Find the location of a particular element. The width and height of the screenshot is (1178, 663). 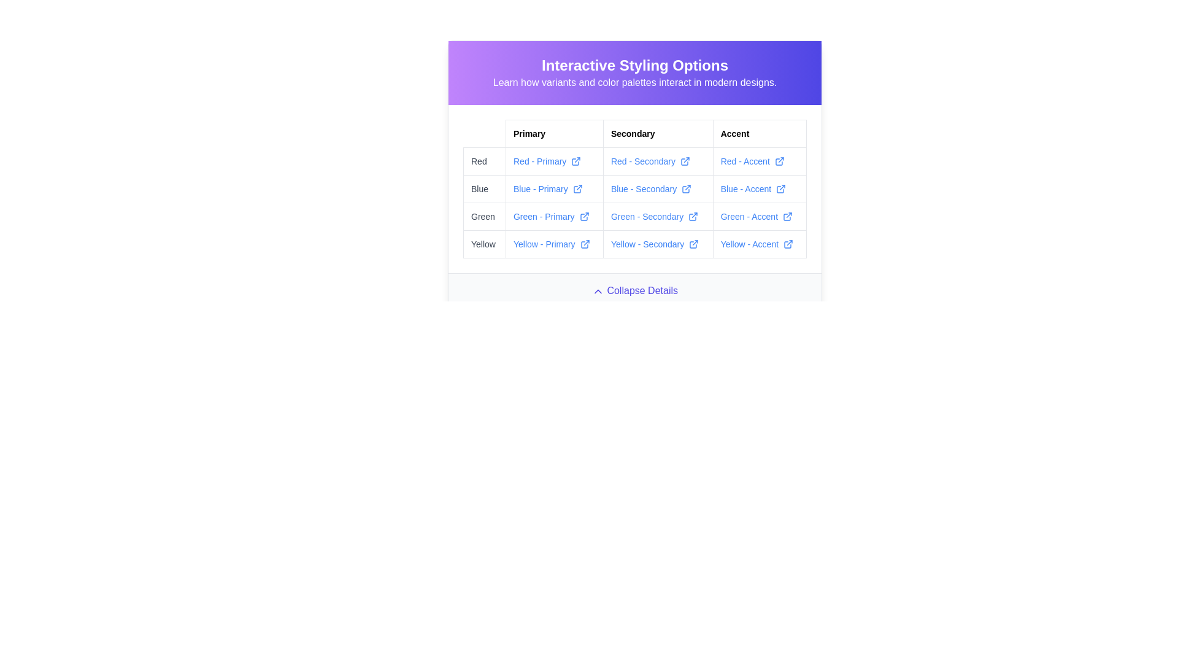

the external link icon located in the bottom row of the table under the 'Secondary' column, adjacent to the text 'Yellow - Secondary' is located at coordinates (694, 244).